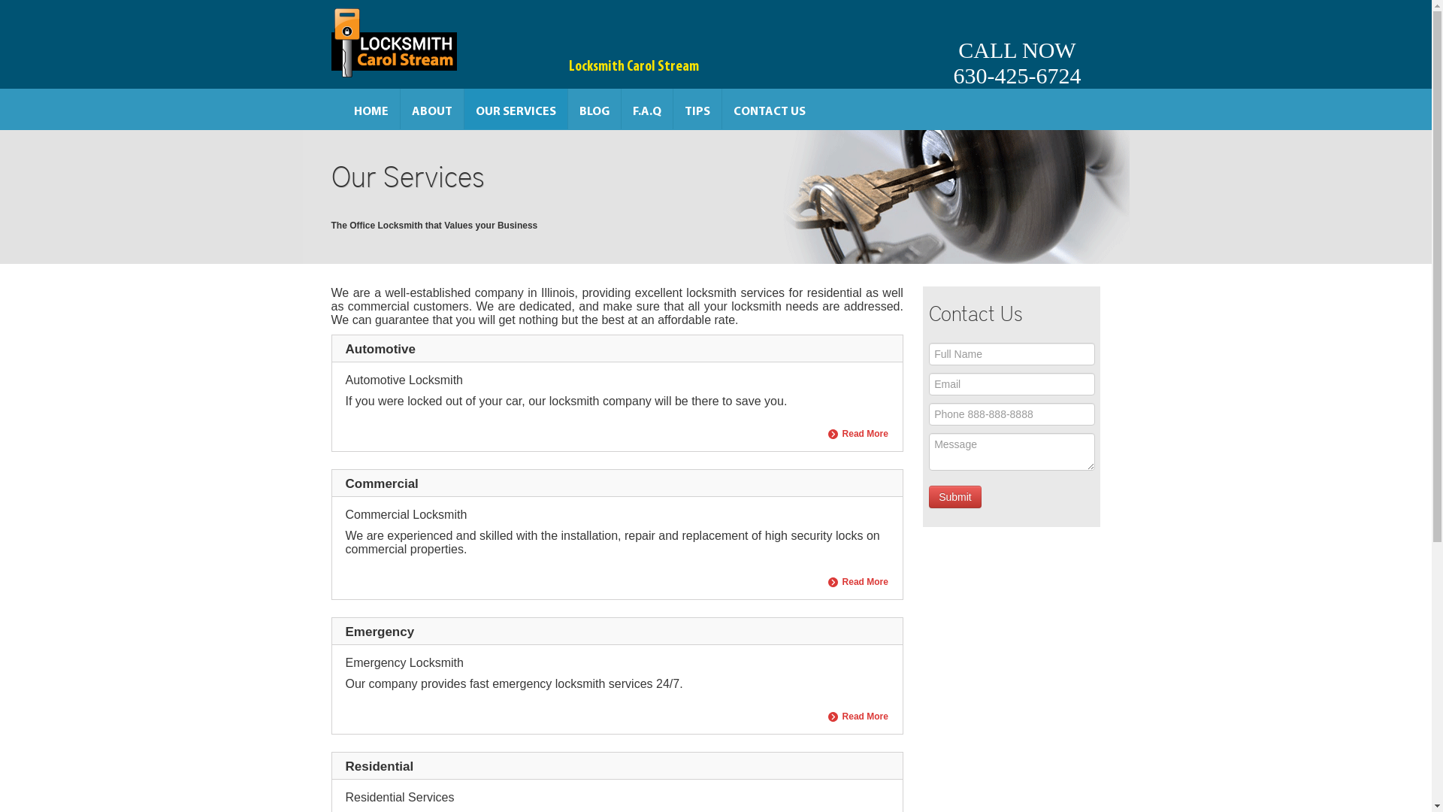 The height and width of the screenshot is (812, 1443). I want to click on 'Read More', so click(827, 434).